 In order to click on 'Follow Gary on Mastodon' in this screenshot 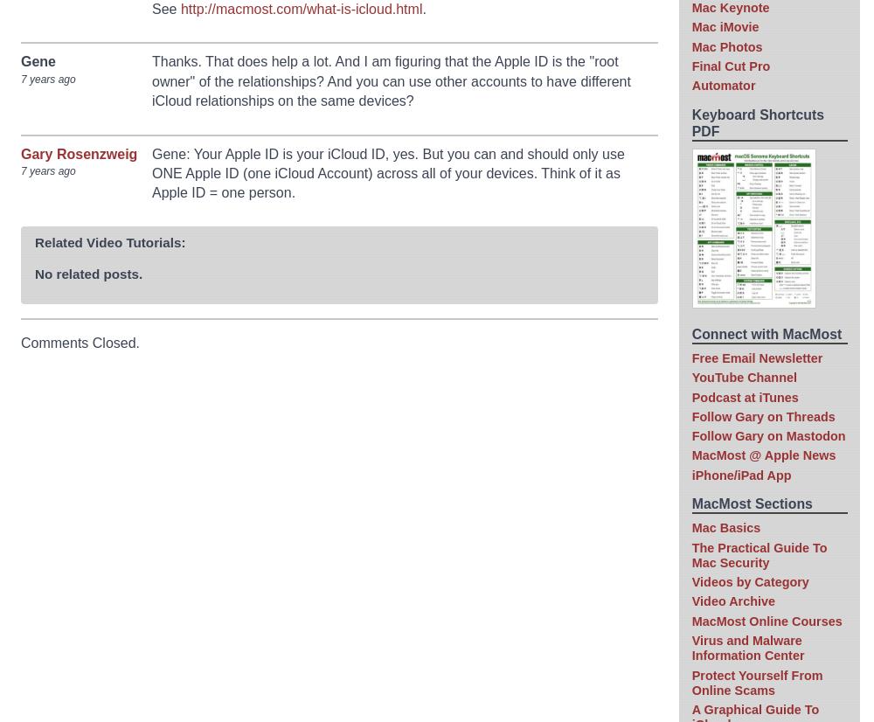, I will do `click(691, 435)`.